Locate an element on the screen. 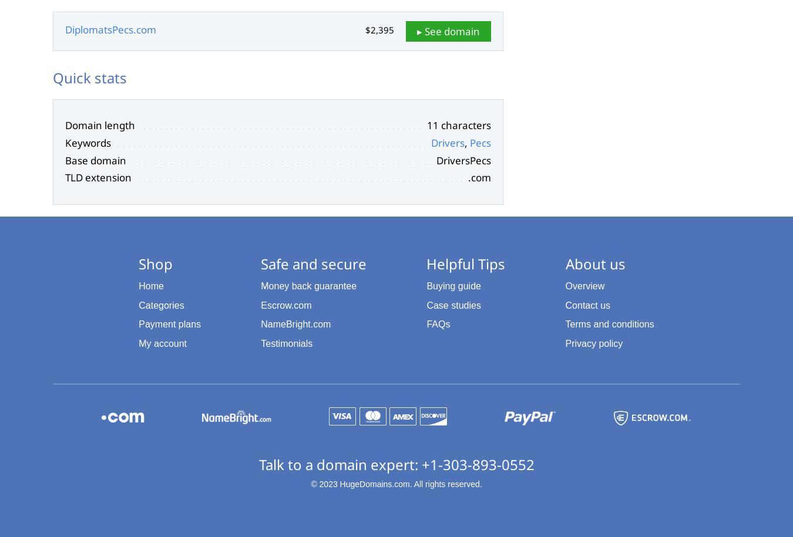 The height and width of the screenshot is (537, 793). 'Buying guide' is located at coordinates (453, 285).